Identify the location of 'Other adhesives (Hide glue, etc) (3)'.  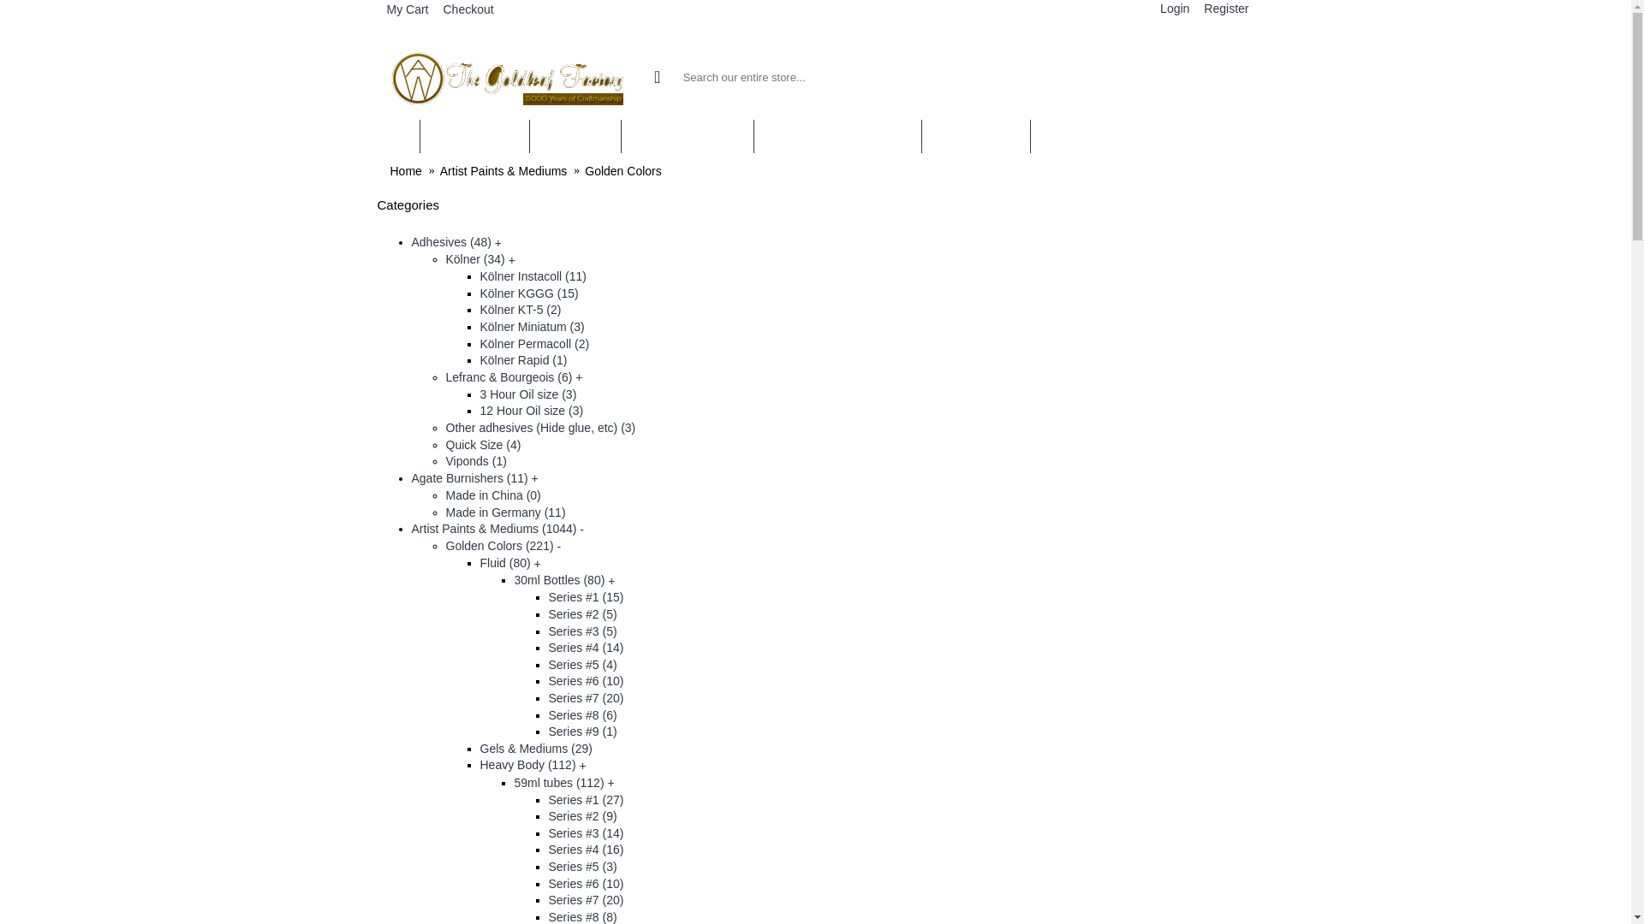
(539, 427).